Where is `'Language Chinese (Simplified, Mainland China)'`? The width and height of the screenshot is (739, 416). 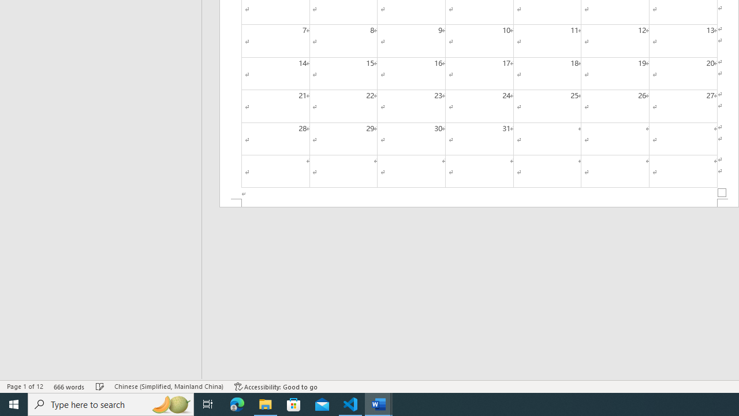 'Language Chinese (Simplified, Mainland China)' is located at coordinates (168, 387).